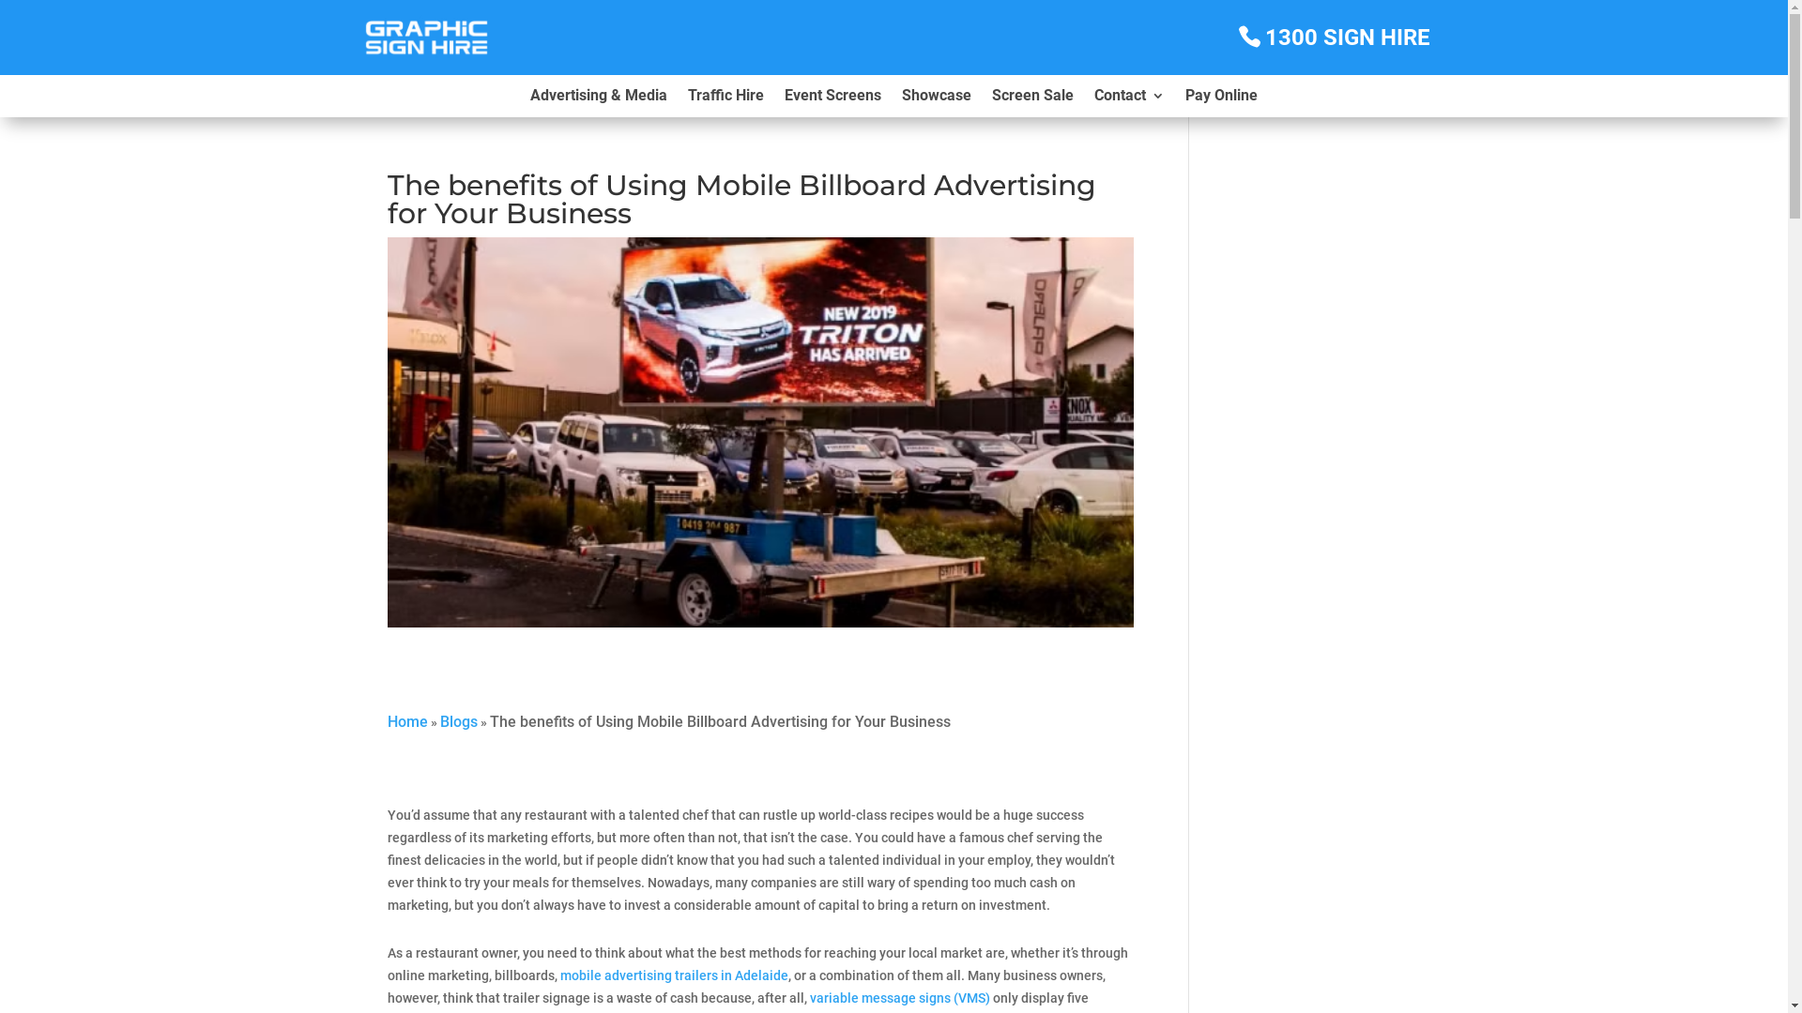  I want to click on 'variable message signs (VMS)', so click(898, 997).